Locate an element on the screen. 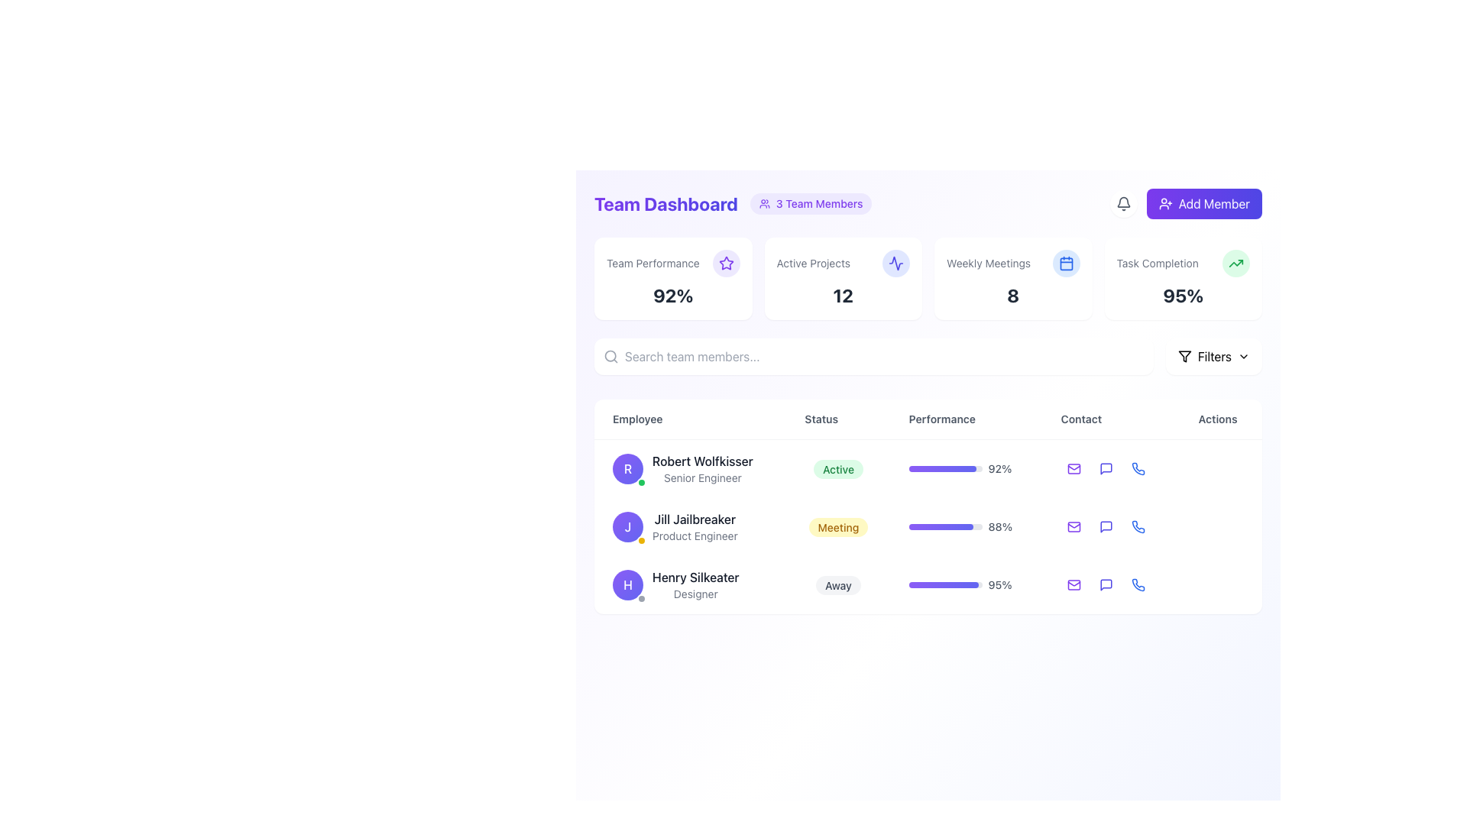 The height and width of the screenshot is (825, 1467). the progress bar displaying '92%' is located at coordinates (966, 467).